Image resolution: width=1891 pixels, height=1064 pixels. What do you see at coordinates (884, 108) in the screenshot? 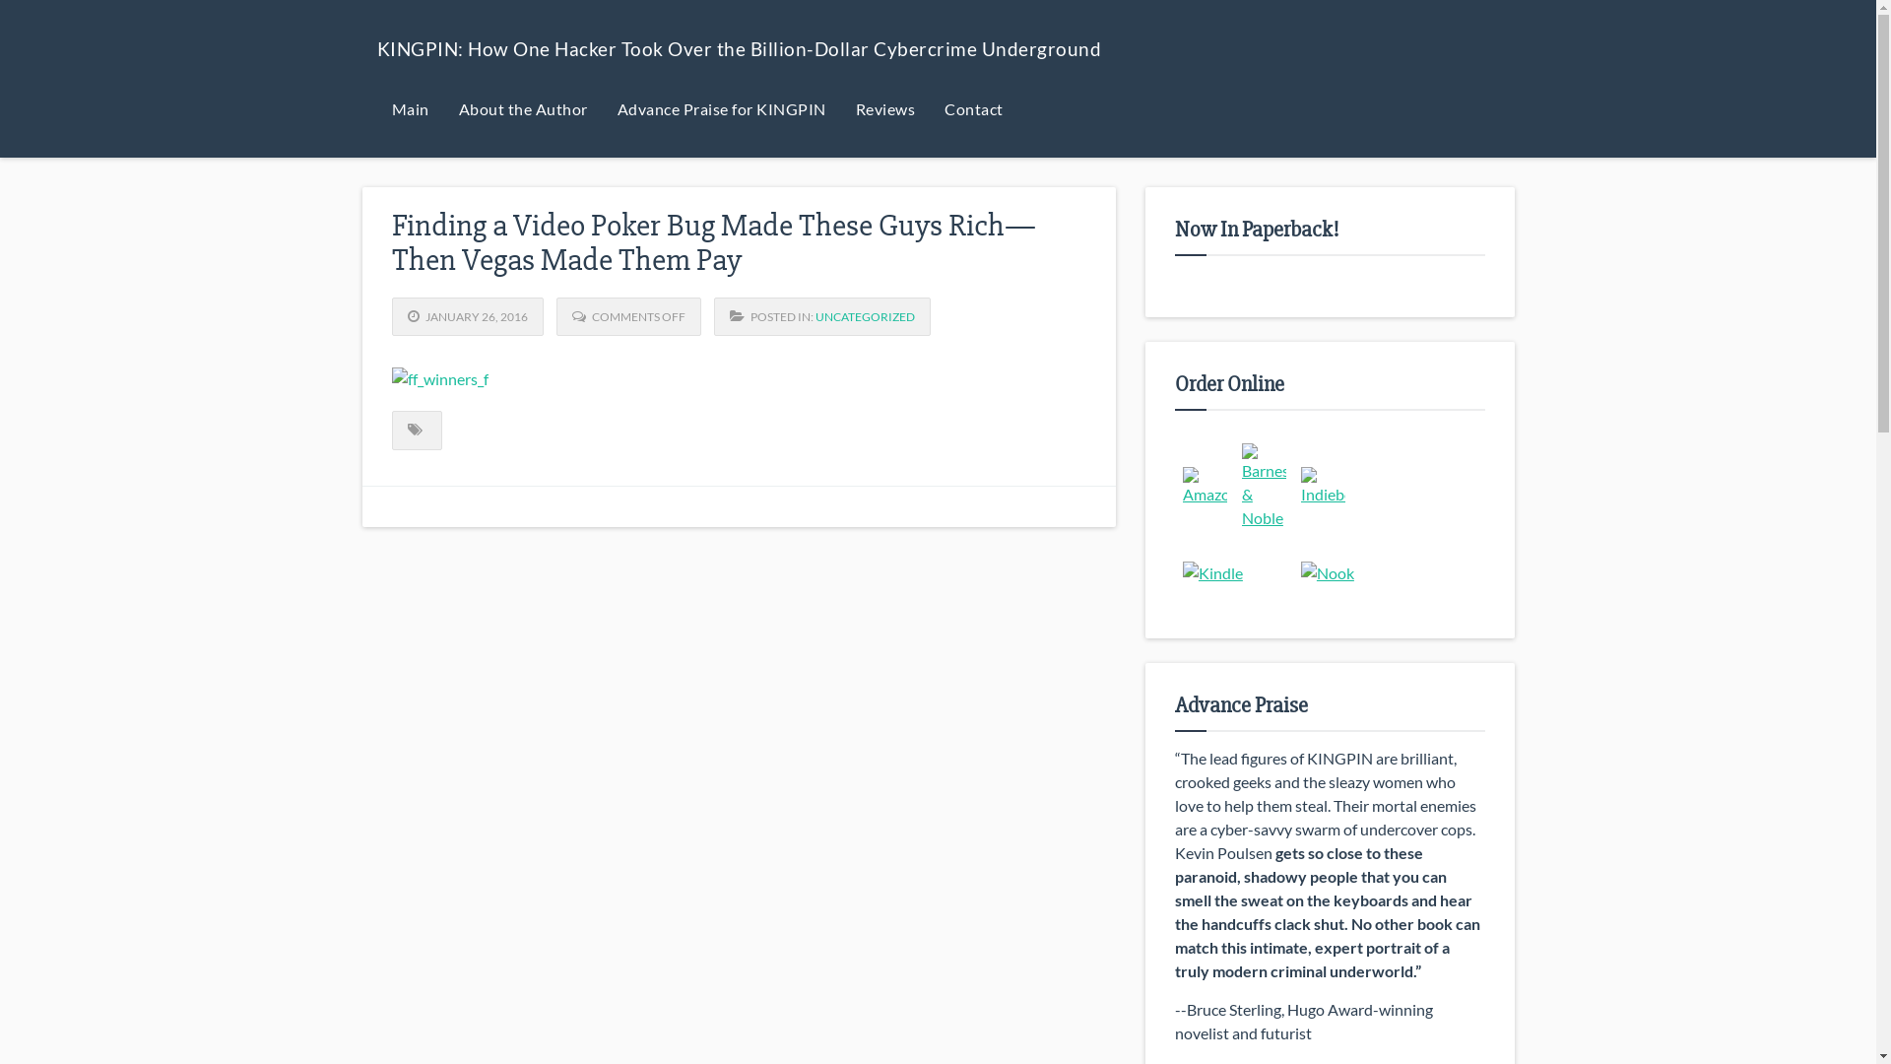
I see `'Reviews'` at bounding box center [884, 108].